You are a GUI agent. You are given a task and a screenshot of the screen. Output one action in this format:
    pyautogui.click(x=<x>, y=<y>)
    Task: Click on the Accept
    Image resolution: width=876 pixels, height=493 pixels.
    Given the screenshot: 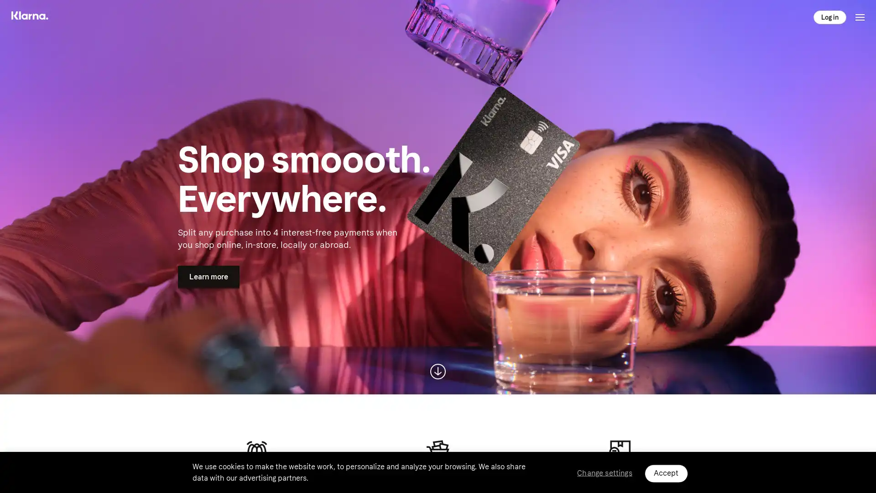 What is the action you would take?
    pyautogui.click(x=666, y=473)
    